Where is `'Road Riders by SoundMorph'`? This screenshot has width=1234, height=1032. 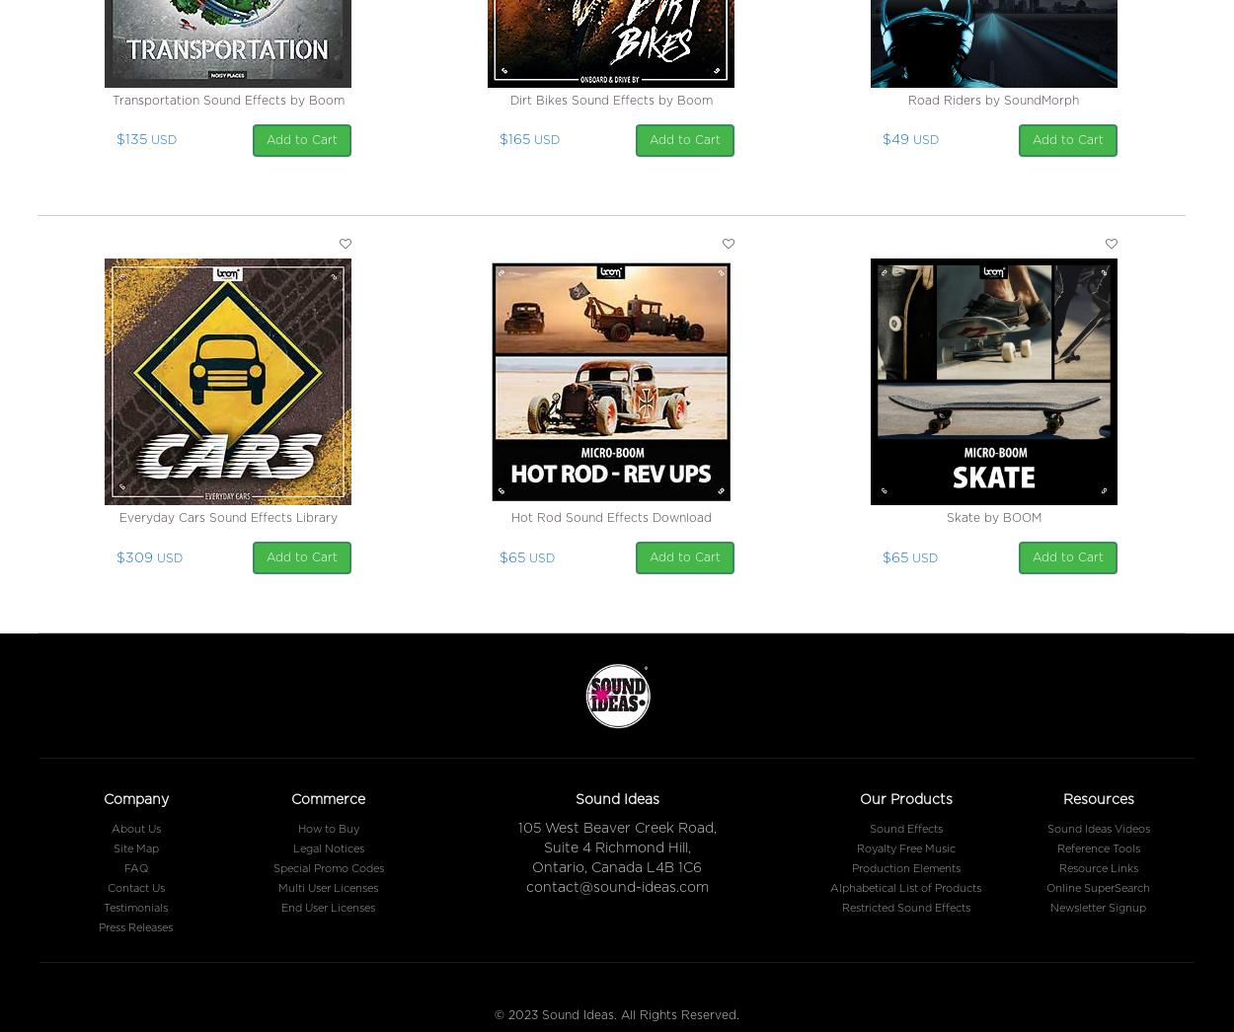 'Road Riders by SoundMorph' is located at coordinates (993, 100).